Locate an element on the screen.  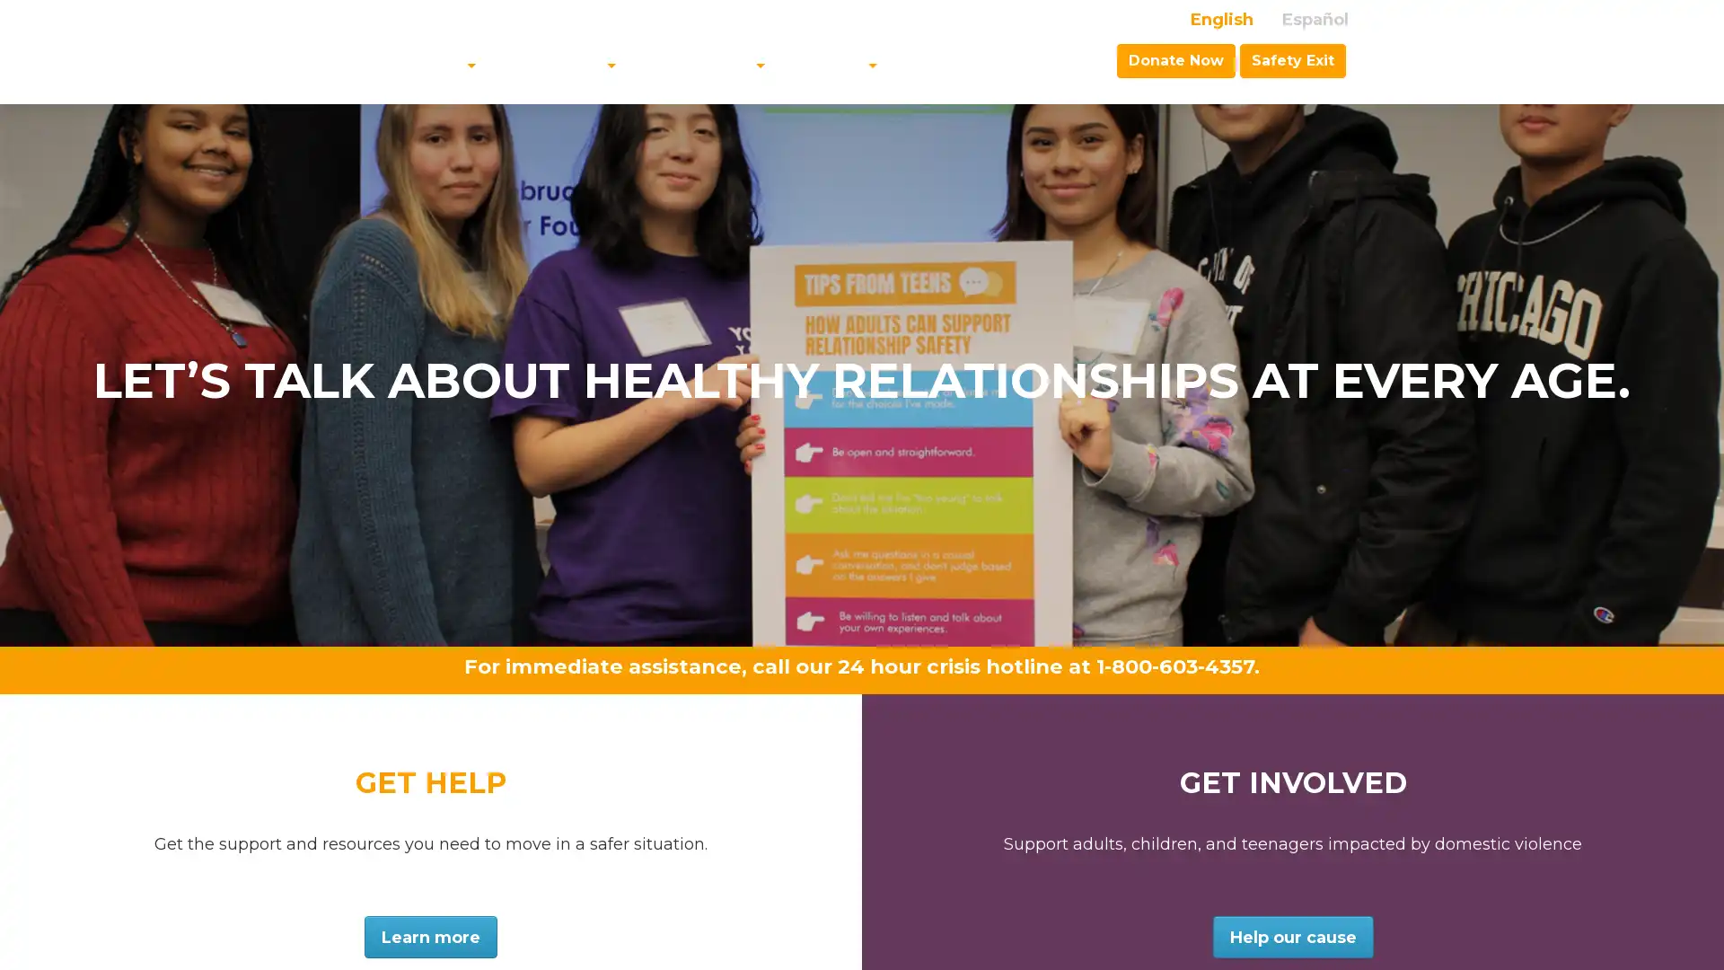
Donate Now is located at coordinates (1176, 58).